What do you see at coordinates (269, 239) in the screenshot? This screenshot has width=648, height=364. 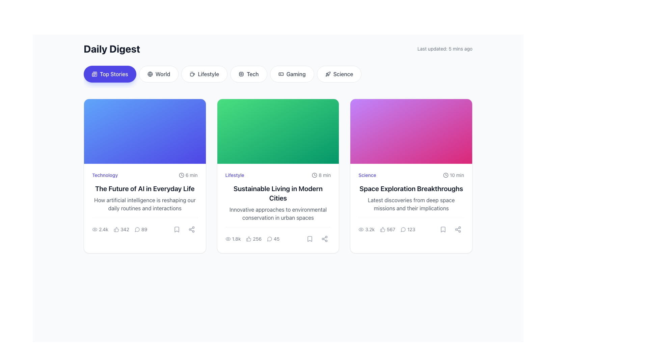 I see `the gray circular speech bubble icon that is located near the bottom of the central card in a grid, to the left of the text element displaying '45'` at bounding box center [269, 239].